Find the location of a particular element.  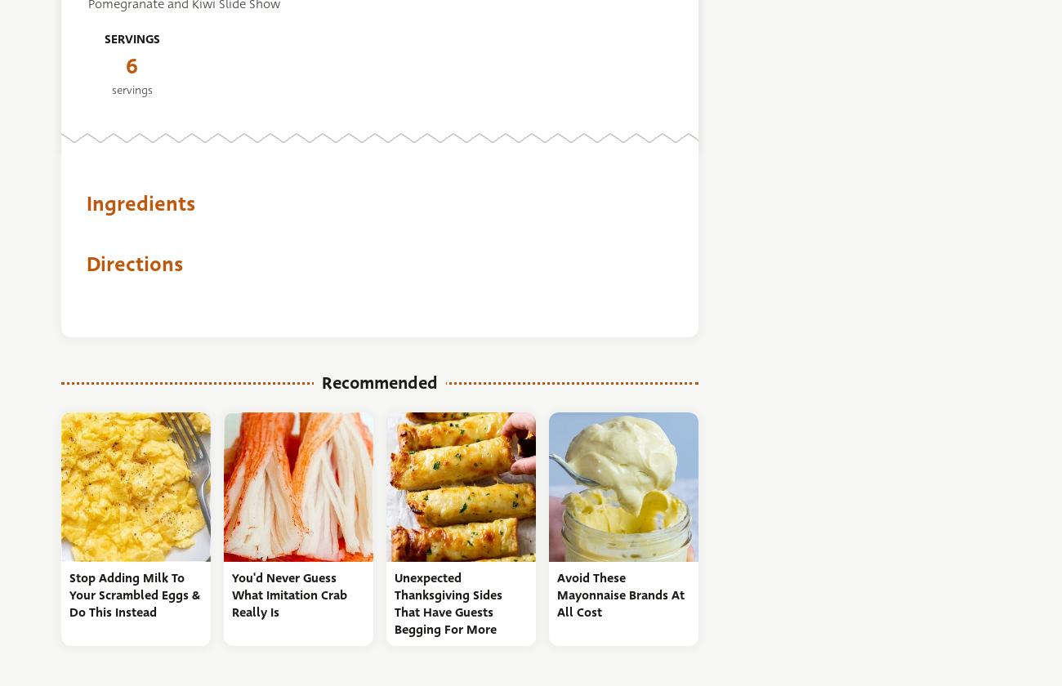

'Recommended' is located at coordinates (379, 382).